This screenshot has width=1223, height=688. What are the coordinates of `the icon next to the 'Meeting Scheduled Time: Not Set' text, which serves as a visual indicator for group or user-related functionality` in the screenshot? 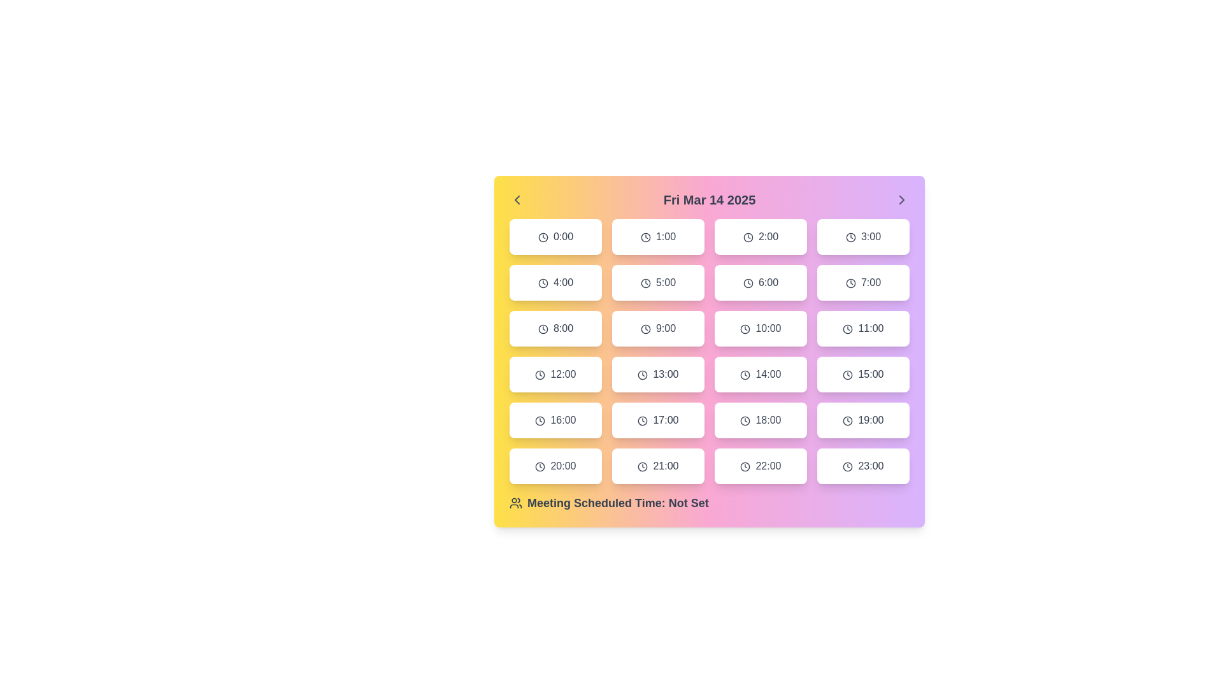 It's located at (516, 503).